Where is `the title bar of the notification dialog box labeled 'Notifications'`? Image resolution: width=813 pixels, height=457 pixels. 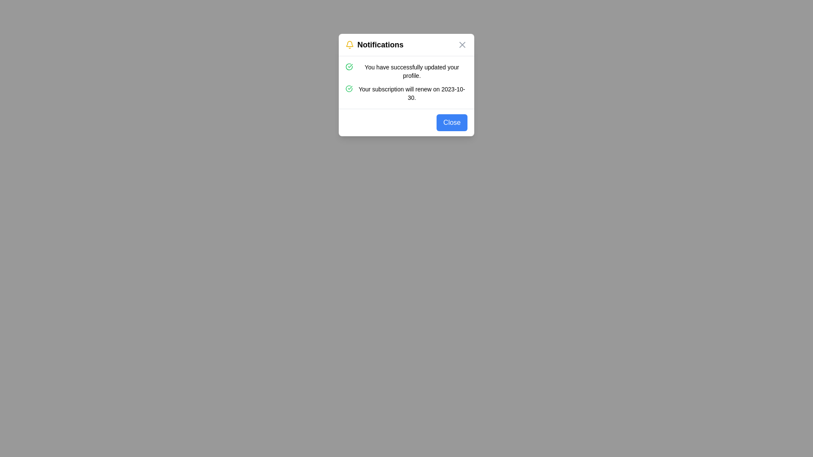 the title bar of the notification dialog box labeled 'Notifications' is located at coordinates (406, 45).